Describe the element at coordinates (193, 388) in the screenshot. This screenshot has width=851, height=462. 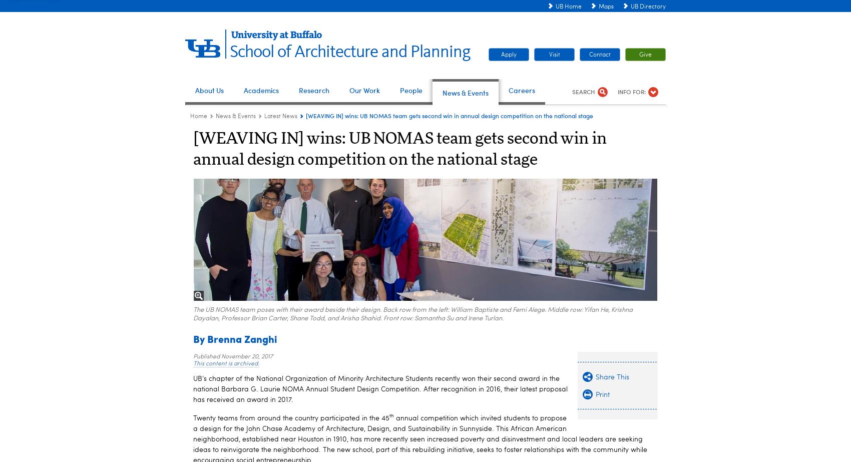
I see `'UB’s chapter of the National Organization of Minority Architecture Students recently won their second award in the national Barbara G. Laurie NOMA Annual Student Design Competition. After recognition in 2016, their latest proposal has received an award in 2017.'` at that location.